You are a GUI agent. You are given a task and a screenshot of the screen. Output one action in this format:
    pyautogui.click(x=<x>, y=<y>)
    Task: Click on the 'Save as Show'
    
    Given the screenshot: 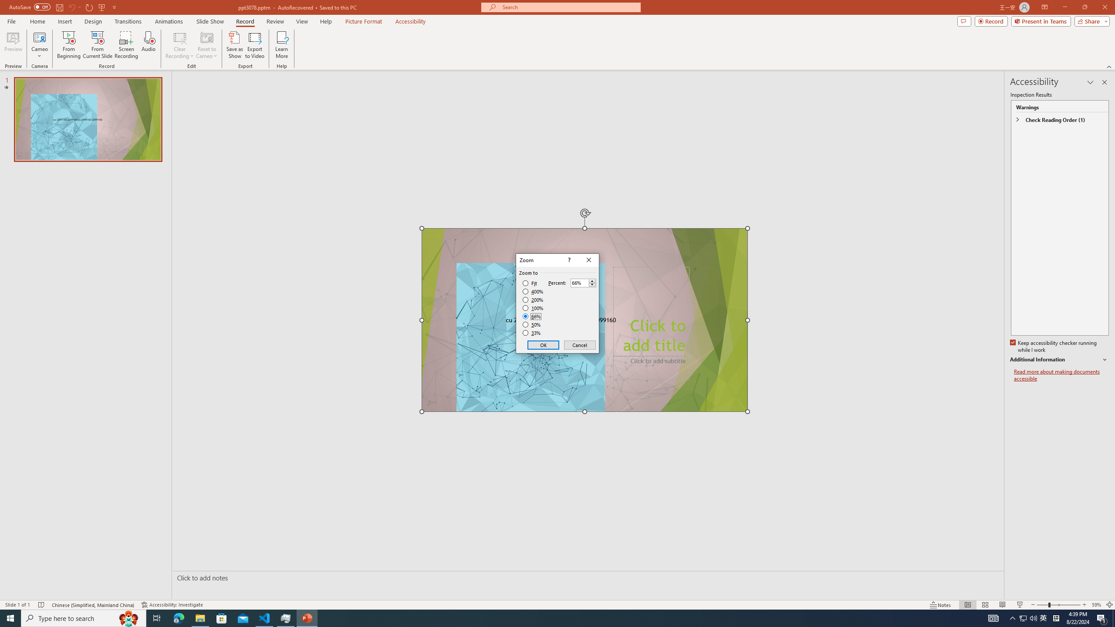 What is the action you would take?
    pyautogui.click(x=234, y=45)
    